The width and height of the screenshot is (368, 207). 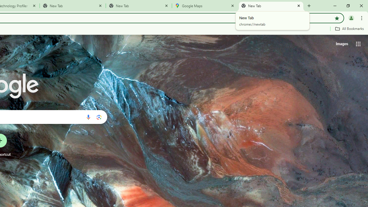 I want to click on 'New Tab', so click(x=271, y=6).